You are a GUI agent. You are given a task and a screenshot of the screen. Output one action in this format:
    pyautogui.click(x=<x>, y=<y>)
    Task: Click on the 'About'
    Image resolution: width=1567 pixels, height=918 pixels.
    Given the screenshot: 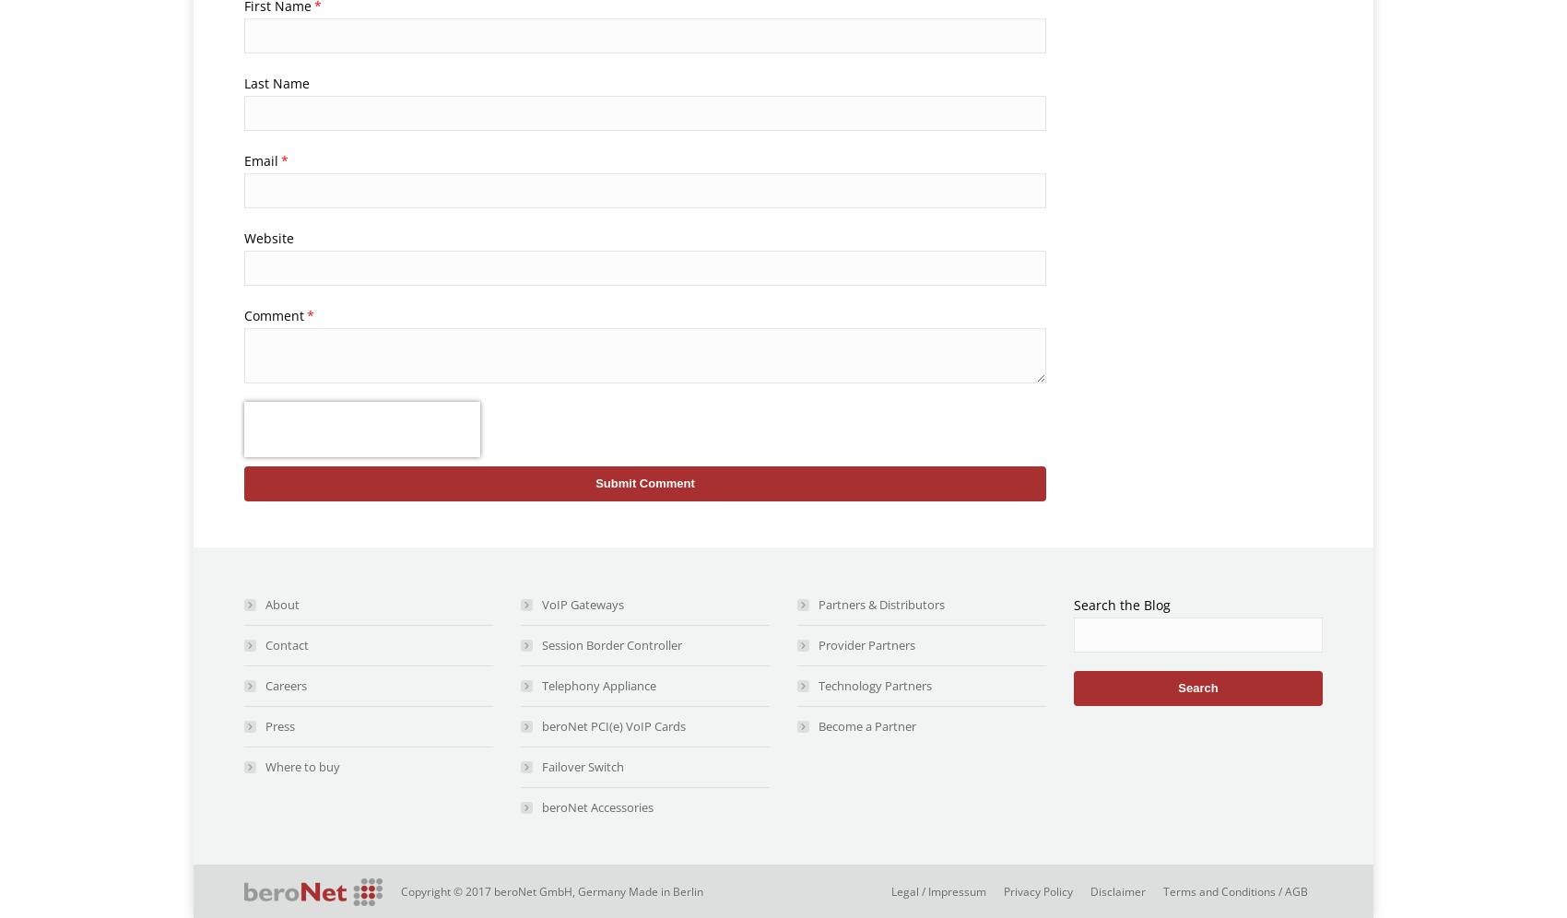 What is the action you would take?
    pyautogui.click(x=282, y=603)
    